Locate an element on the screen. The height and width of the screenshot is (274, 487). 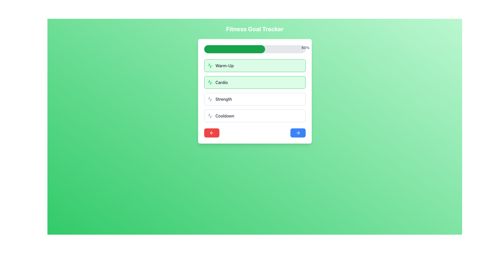
the horizontal progress bar indicating 60% progress, located at the top of the 'Fitness Goal Tracker' card is located at coordinates (255, 49).